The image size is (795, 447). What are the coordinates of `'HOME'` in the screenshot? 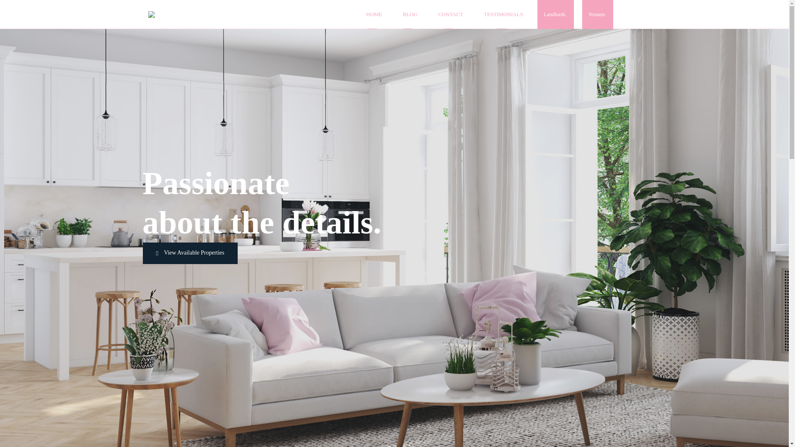 It's located at (364, 14).